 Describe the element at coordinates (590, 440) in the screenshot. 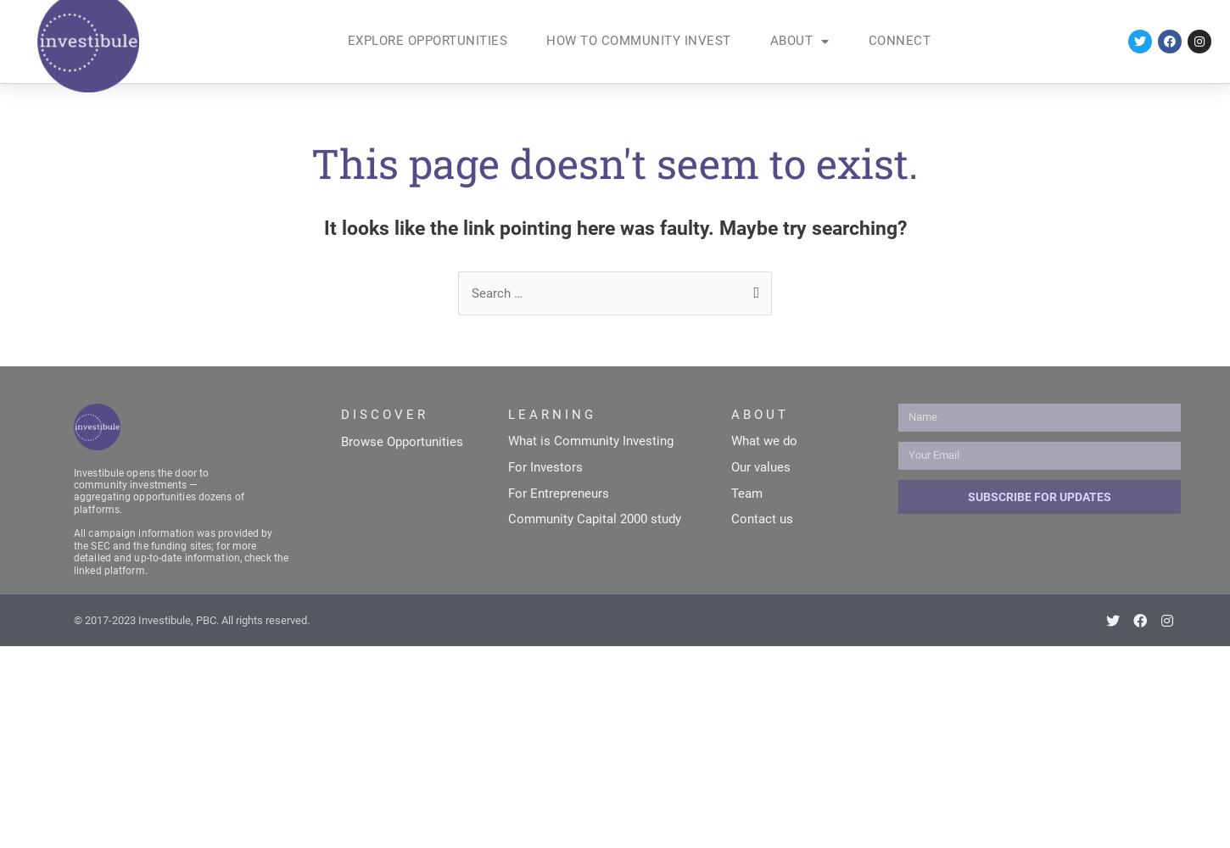

I see `'What is Community Investing'` at that location.